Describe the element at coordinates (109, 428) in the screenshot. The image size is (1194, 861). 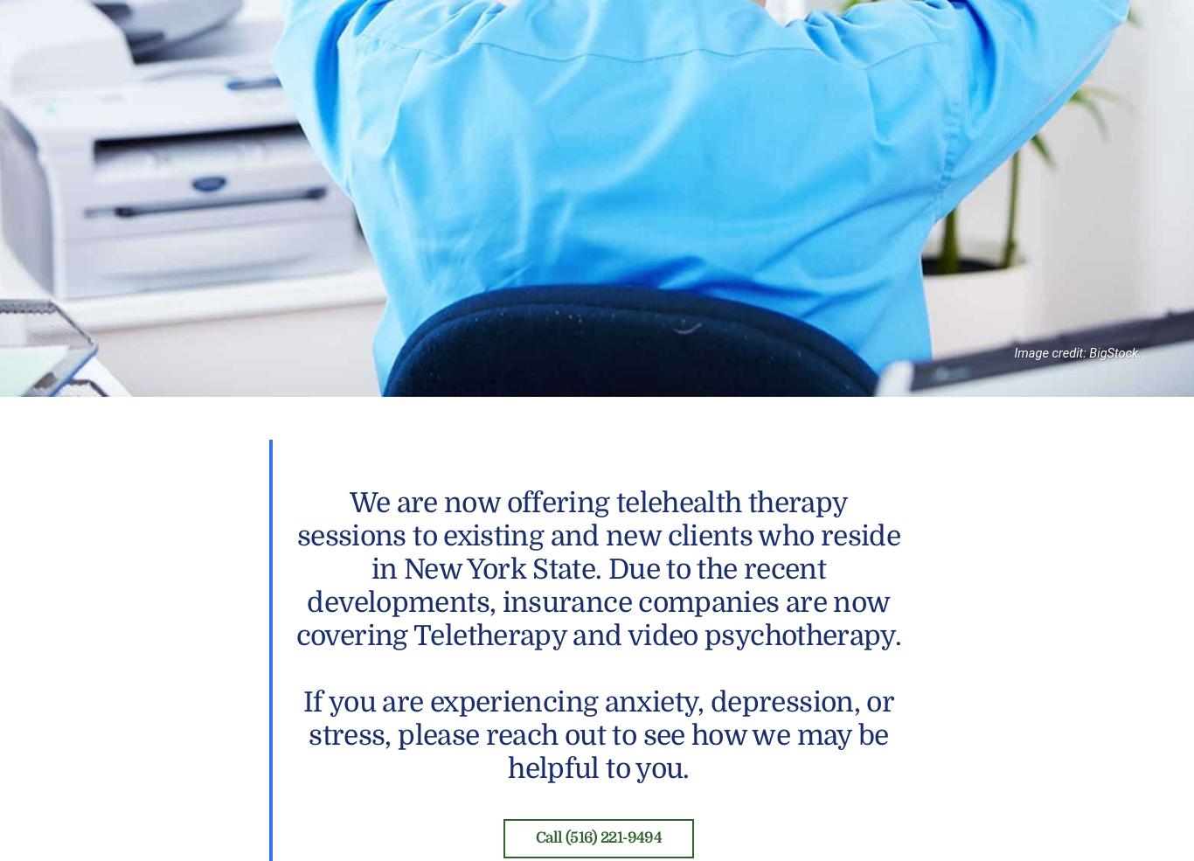
I see `'Previous'` at that location.